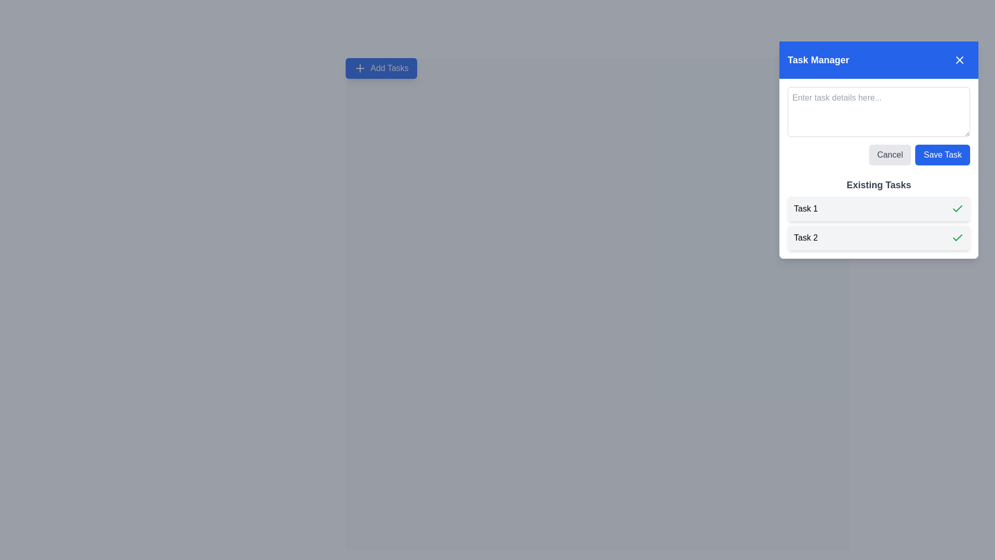 Image resolution: width=995 pixels, height=560 pixels. What do you see at coordinates (959, 60) in the screenshot?
I see `the small rounded square button with a blue background and a white 'X' mark located in the top-right corner of the 'Task Manager' header bar to invoke hover effects` at bounding box center [959, 60].